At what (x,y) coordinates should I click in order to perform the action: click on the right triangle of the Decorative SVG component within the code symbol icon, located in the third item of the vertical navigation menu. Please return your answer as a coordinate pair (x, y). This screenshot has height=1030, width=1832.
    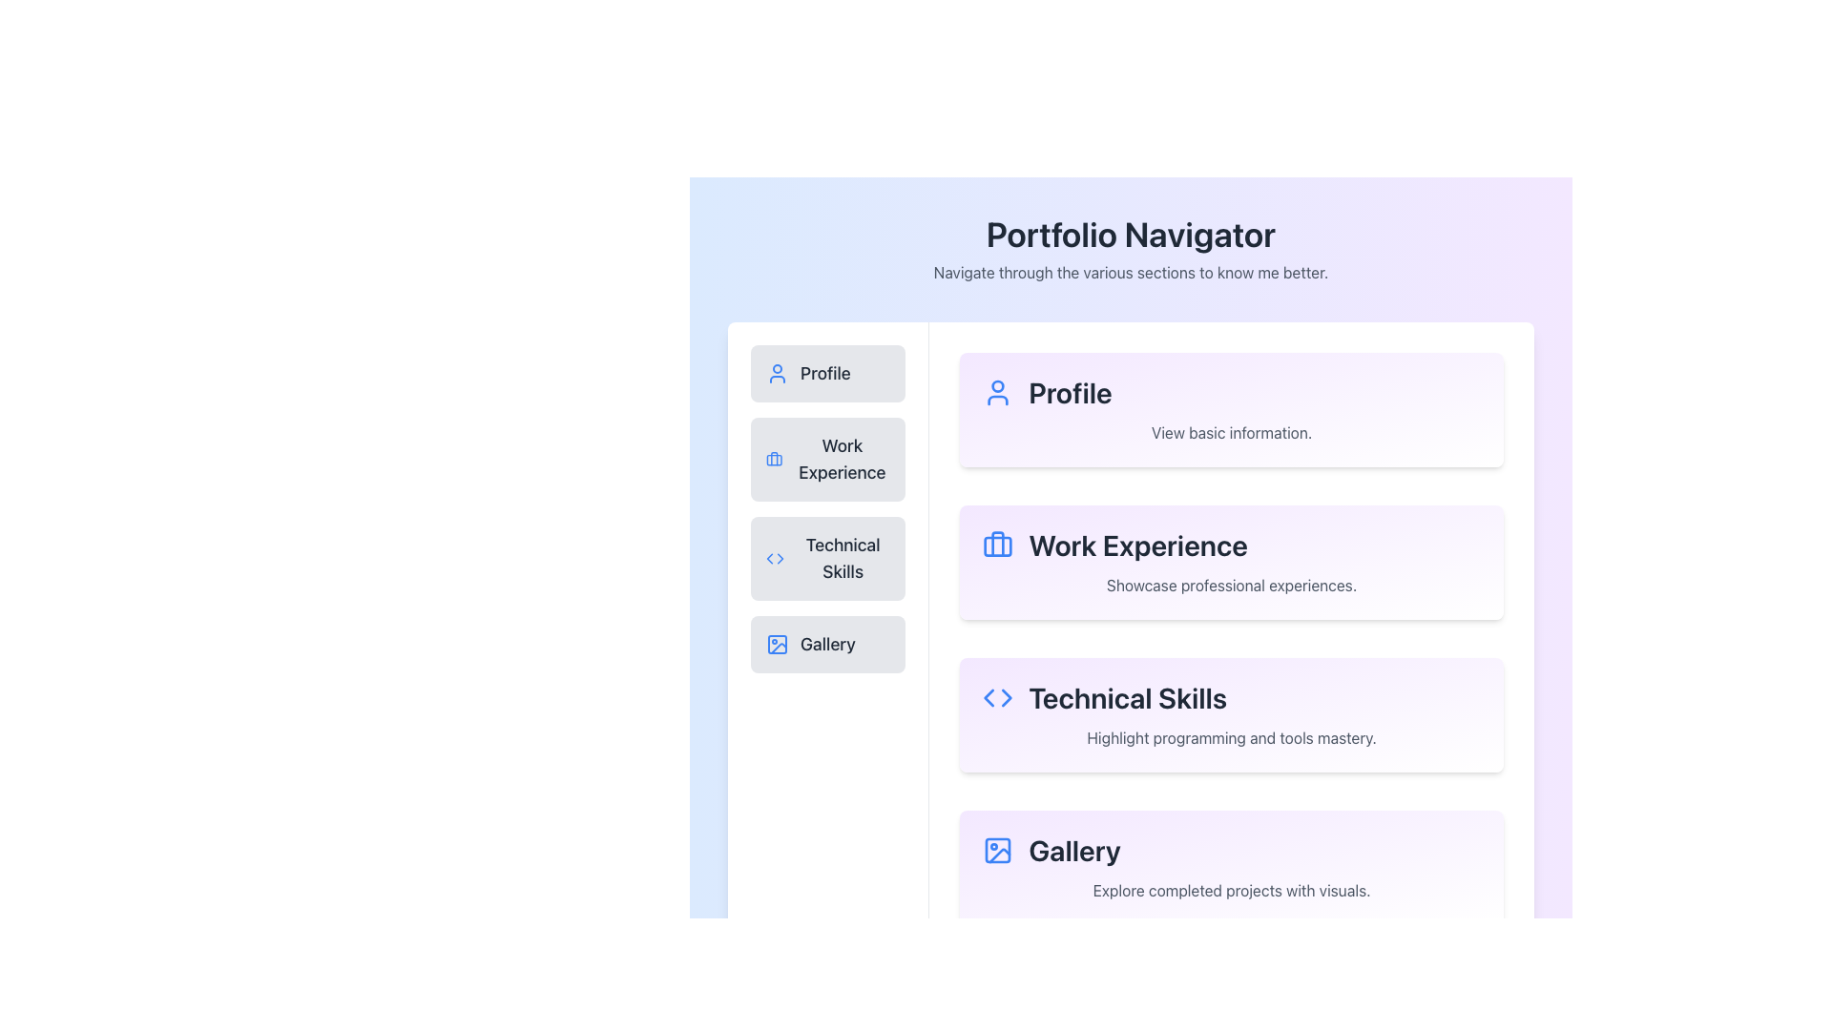
    Looking at the image, I should click on (781, 558).